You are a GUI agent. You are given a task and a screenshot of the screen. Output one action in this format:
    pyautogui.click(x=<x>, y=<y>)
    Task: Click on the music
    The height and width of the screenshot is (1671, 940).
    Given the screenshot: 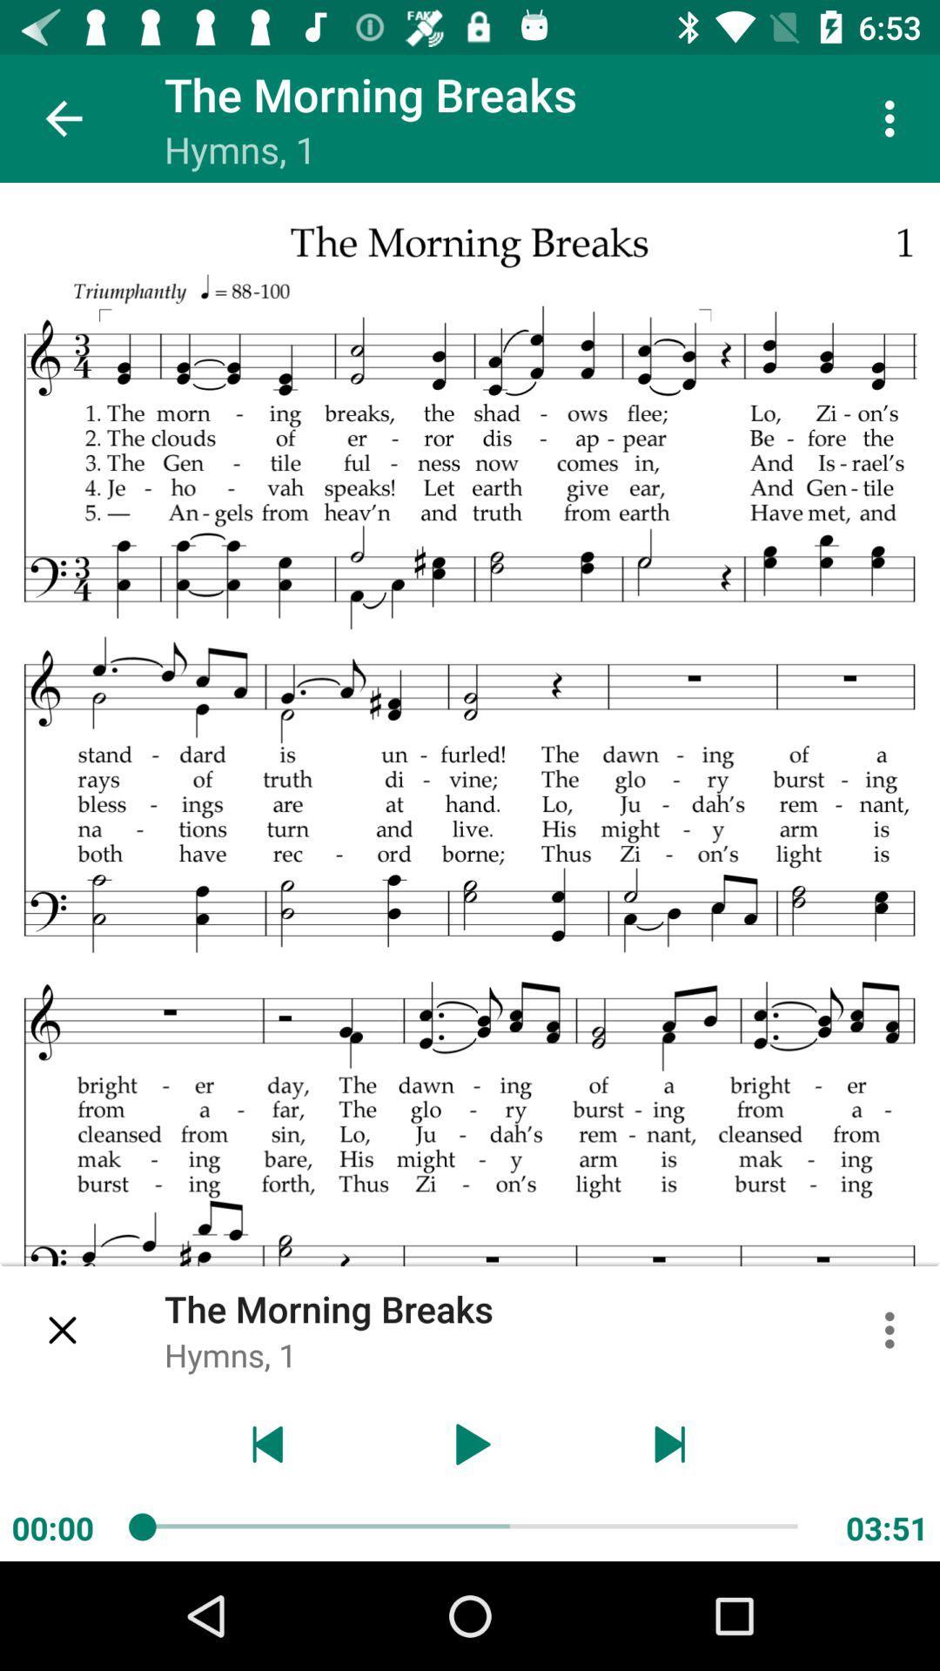 What is the action you would take?
    pyautogui.click(x=470, y=1444)
    